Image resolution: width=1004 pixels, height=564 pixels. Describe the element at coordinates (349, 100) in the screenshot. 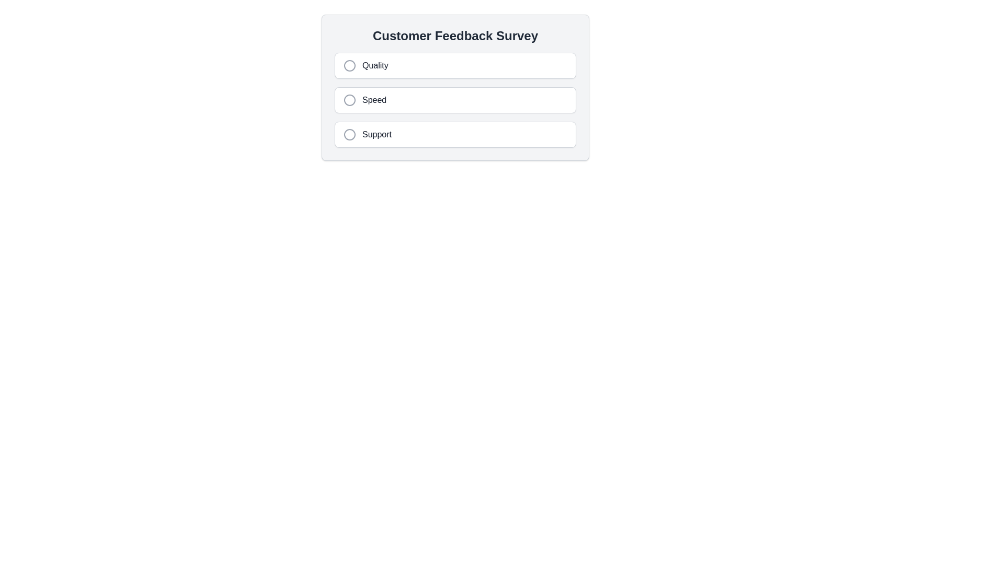

I see `the circular icon associated with the radio button labeled 'Speed'` at that location.